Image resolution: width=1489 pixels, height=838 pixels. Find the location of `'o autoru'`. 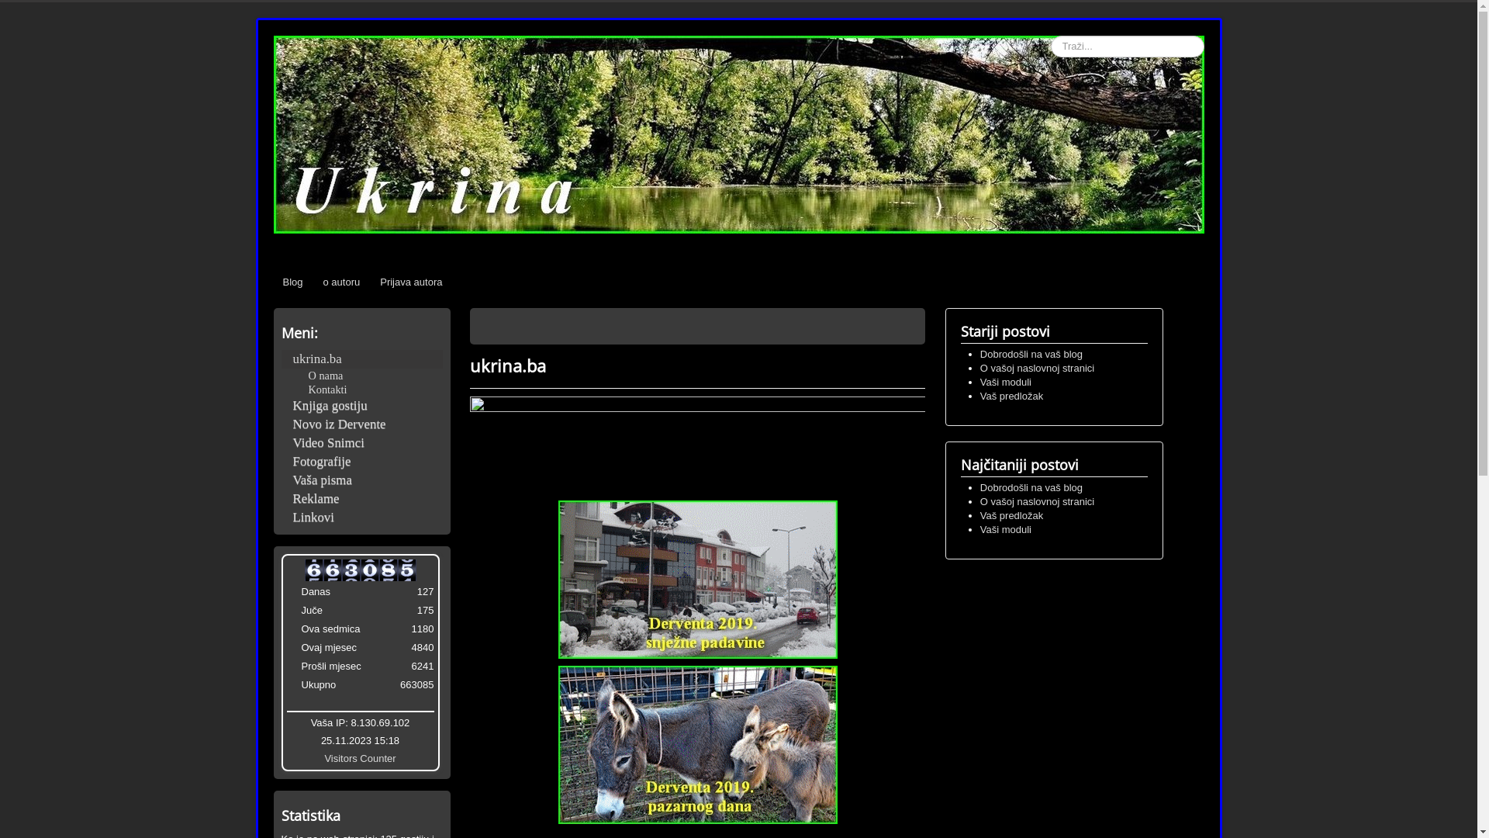

'o autoru' is located at coordinates (341, 282).